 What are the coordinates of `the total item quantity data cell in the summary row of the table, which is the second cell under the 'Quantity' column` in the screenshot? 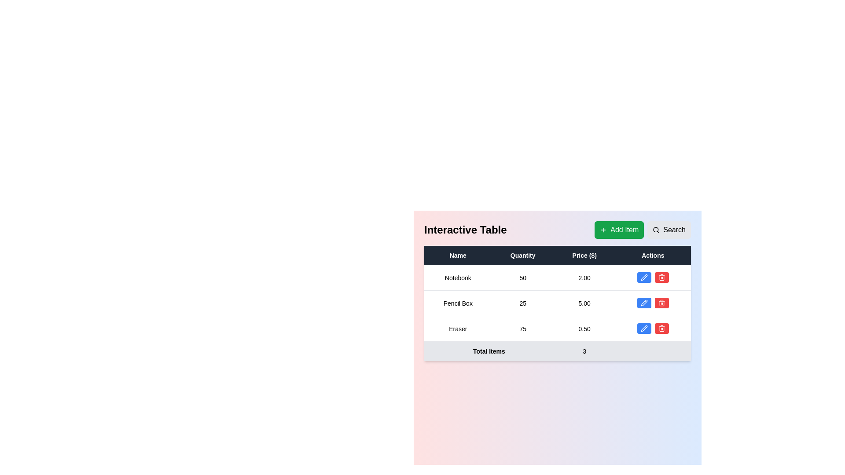 It's located at (584, 351).